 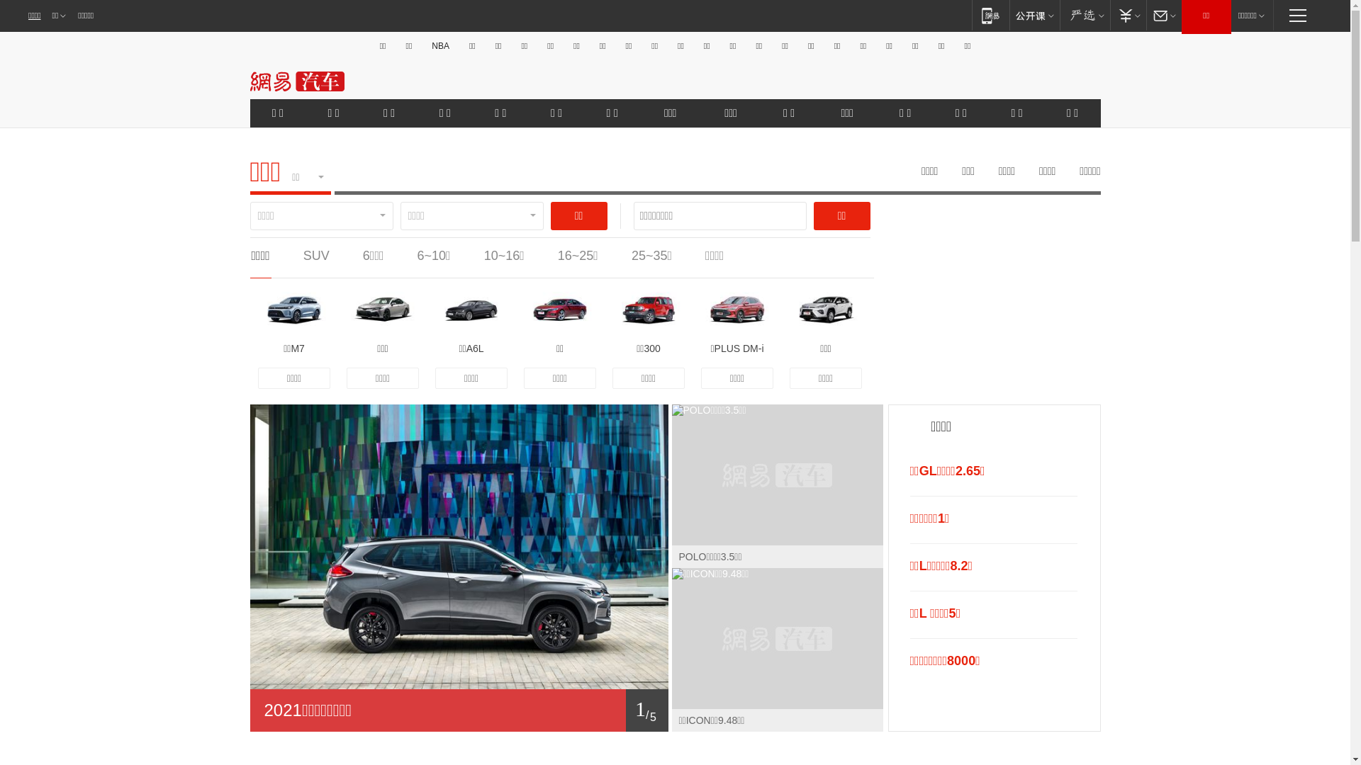 I want to click on 'SUV', so click(x=302, y=256).